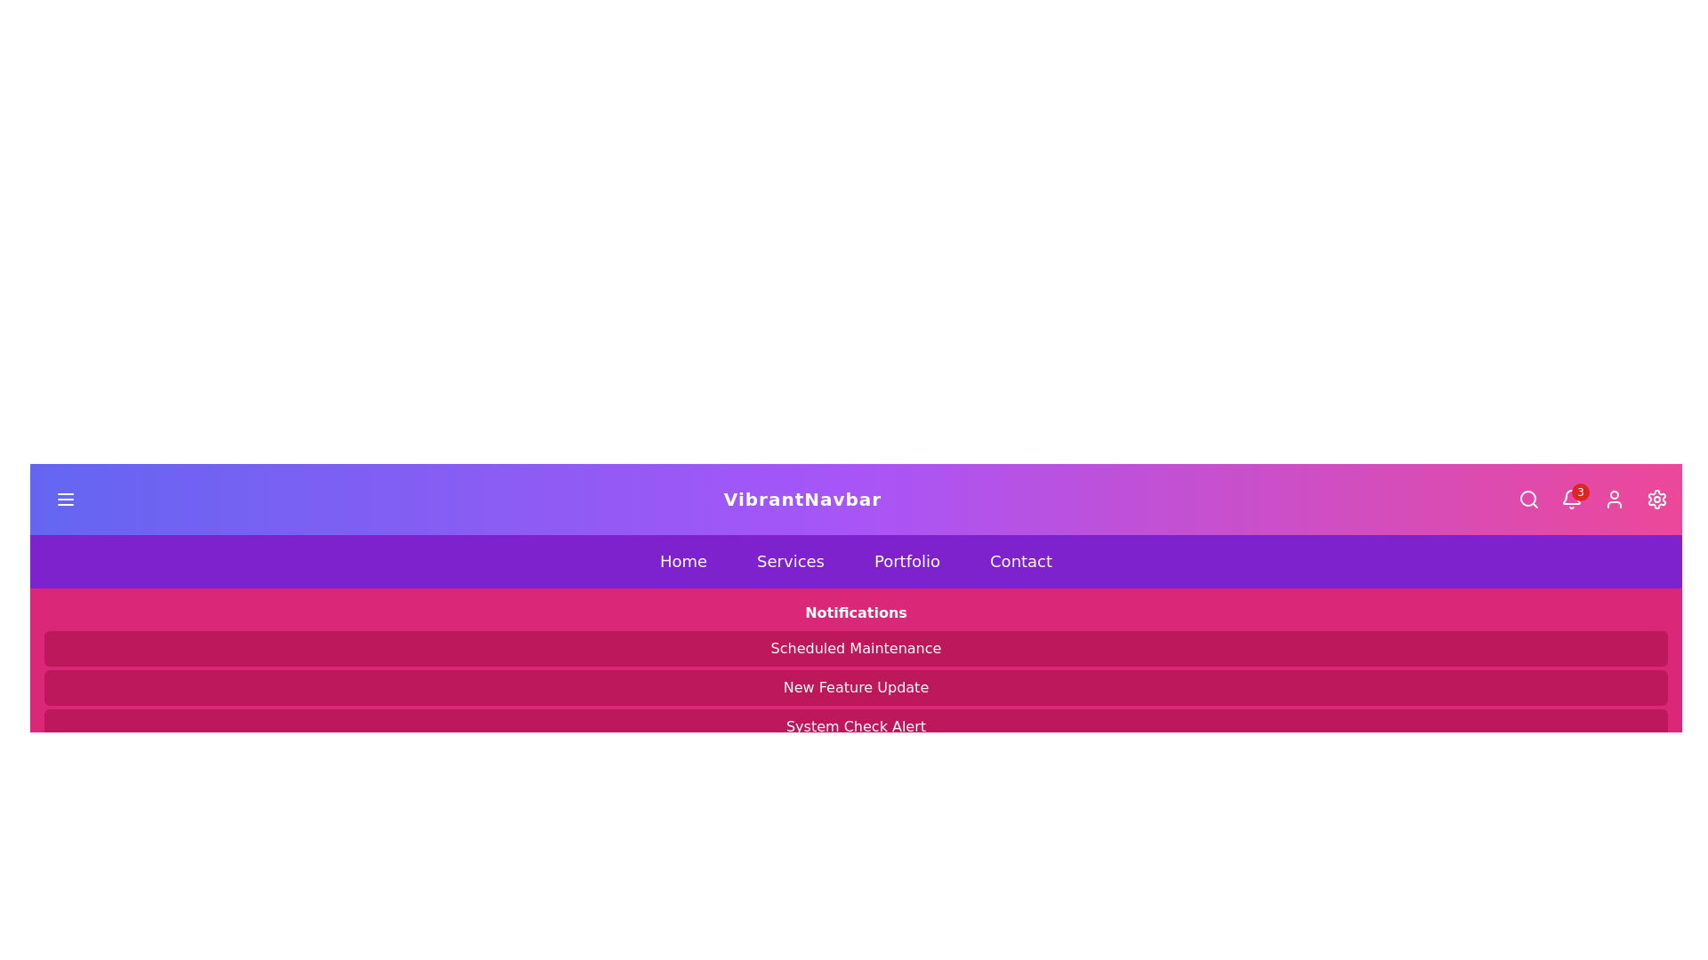 Image resolution: width=1708 pixels, height=960 pixels. Describe the element at coordinates (856, 500) in the screenshot. I see `the interactive elements of the Navigation bar, which includes the hamburger menu icon, the title 'VibrantNavbar', and the action icons on the right` at that location.